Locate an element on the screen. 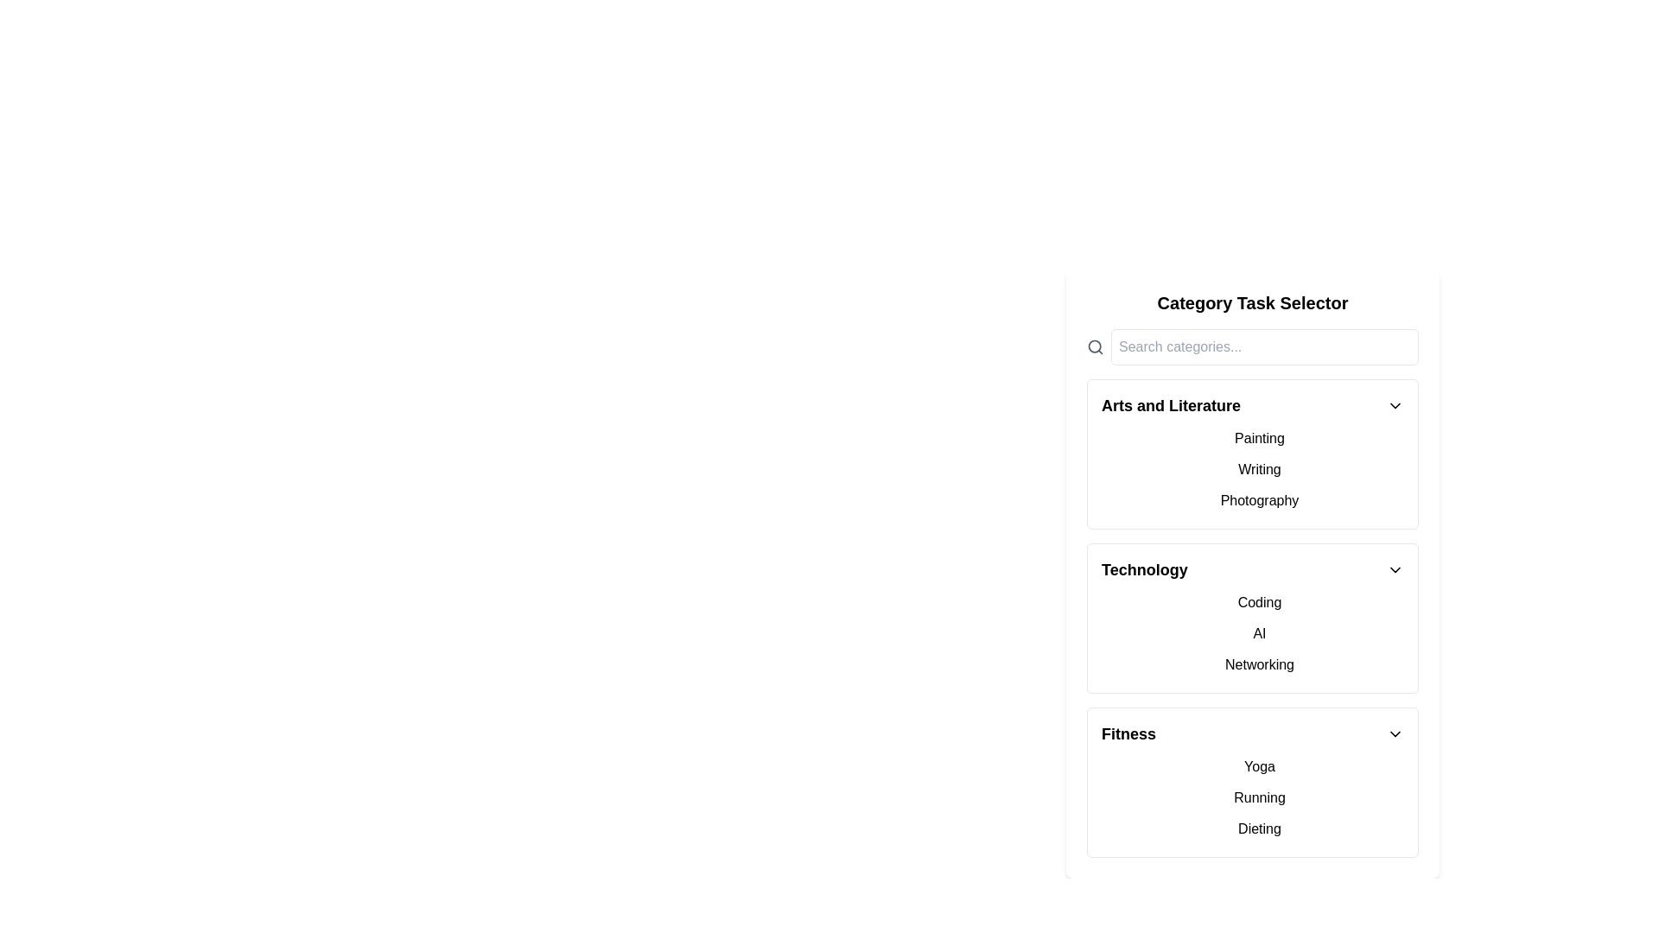 The width and height of the screenshot is (1659, 933). the 'Arts and Literature' text label, which is styled in bold and larger font, positioned prominently in the 'Category Task Selector' section is located at coordinates (1171, 406).